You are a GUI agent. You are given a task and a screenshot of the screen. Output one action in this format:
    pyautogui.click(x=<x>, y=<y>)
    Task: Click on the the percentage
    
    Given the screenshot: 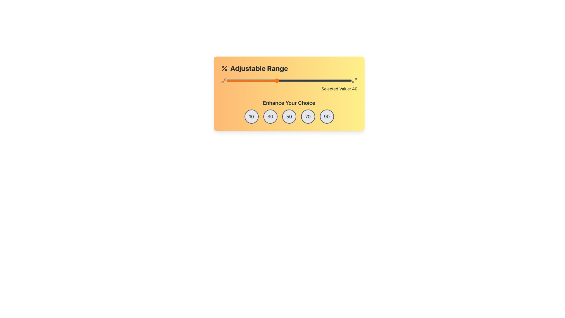 What is the action you would take?
    pyautogui.click(x=242, y=80)
    